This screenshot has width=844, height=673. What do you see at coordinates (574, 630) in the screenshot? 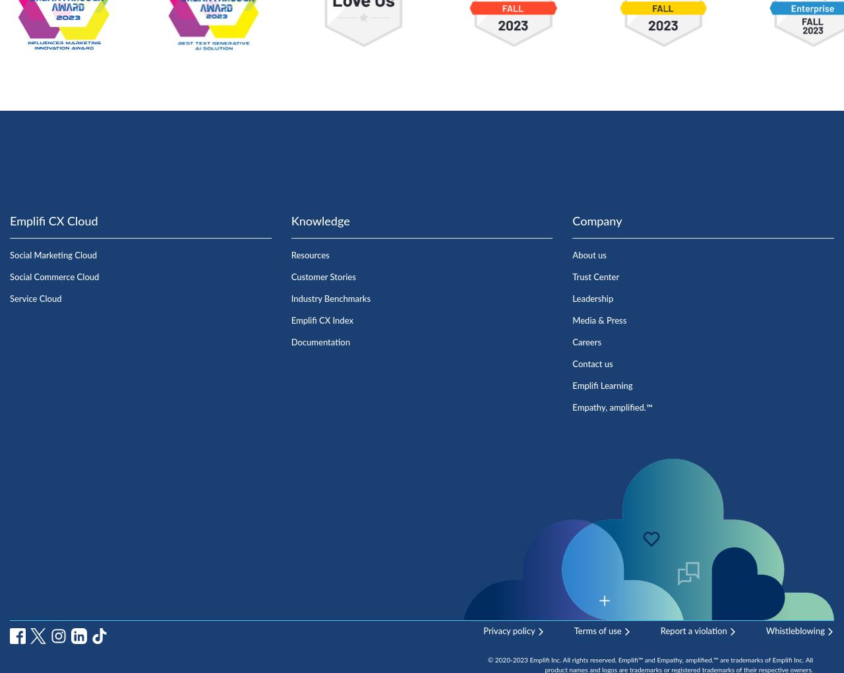
I see `'Terms of use'` at bounding box center [574, 630].